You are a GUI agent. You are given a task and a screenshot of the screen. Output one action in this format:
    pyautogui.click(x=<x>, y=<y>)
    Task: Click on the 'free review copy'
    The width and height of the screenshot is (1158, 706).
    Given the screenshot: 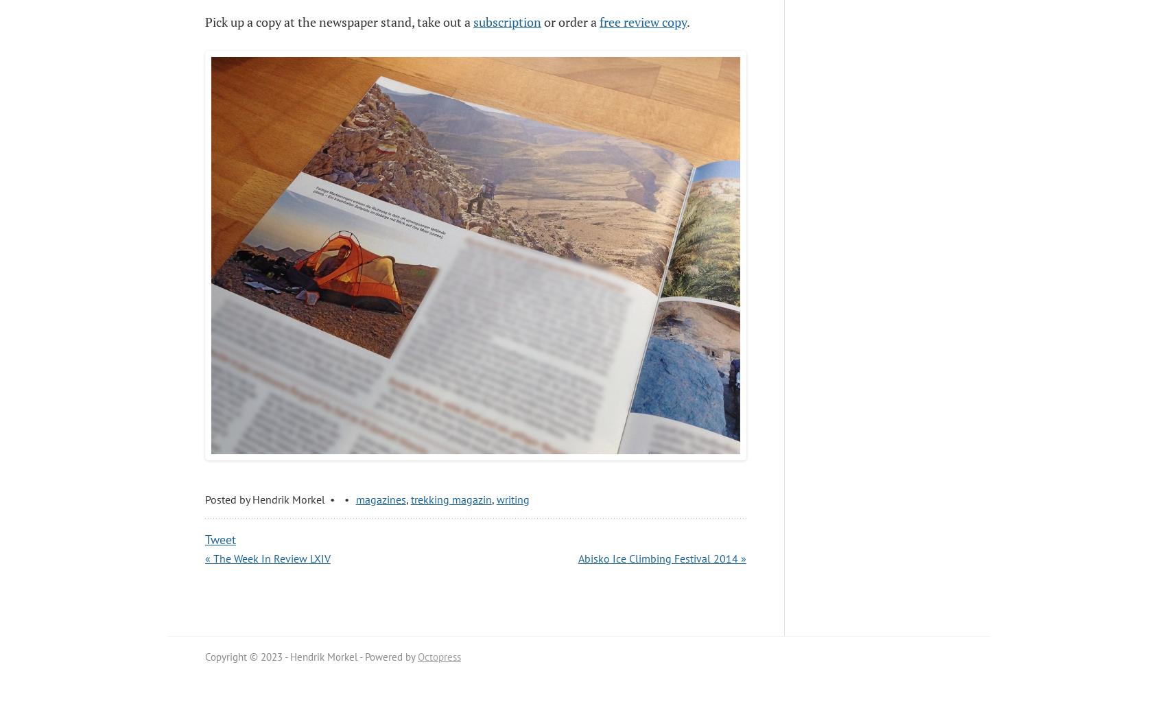 What is the action you would take?
    pyautogui.click(x=642, y=22)
    